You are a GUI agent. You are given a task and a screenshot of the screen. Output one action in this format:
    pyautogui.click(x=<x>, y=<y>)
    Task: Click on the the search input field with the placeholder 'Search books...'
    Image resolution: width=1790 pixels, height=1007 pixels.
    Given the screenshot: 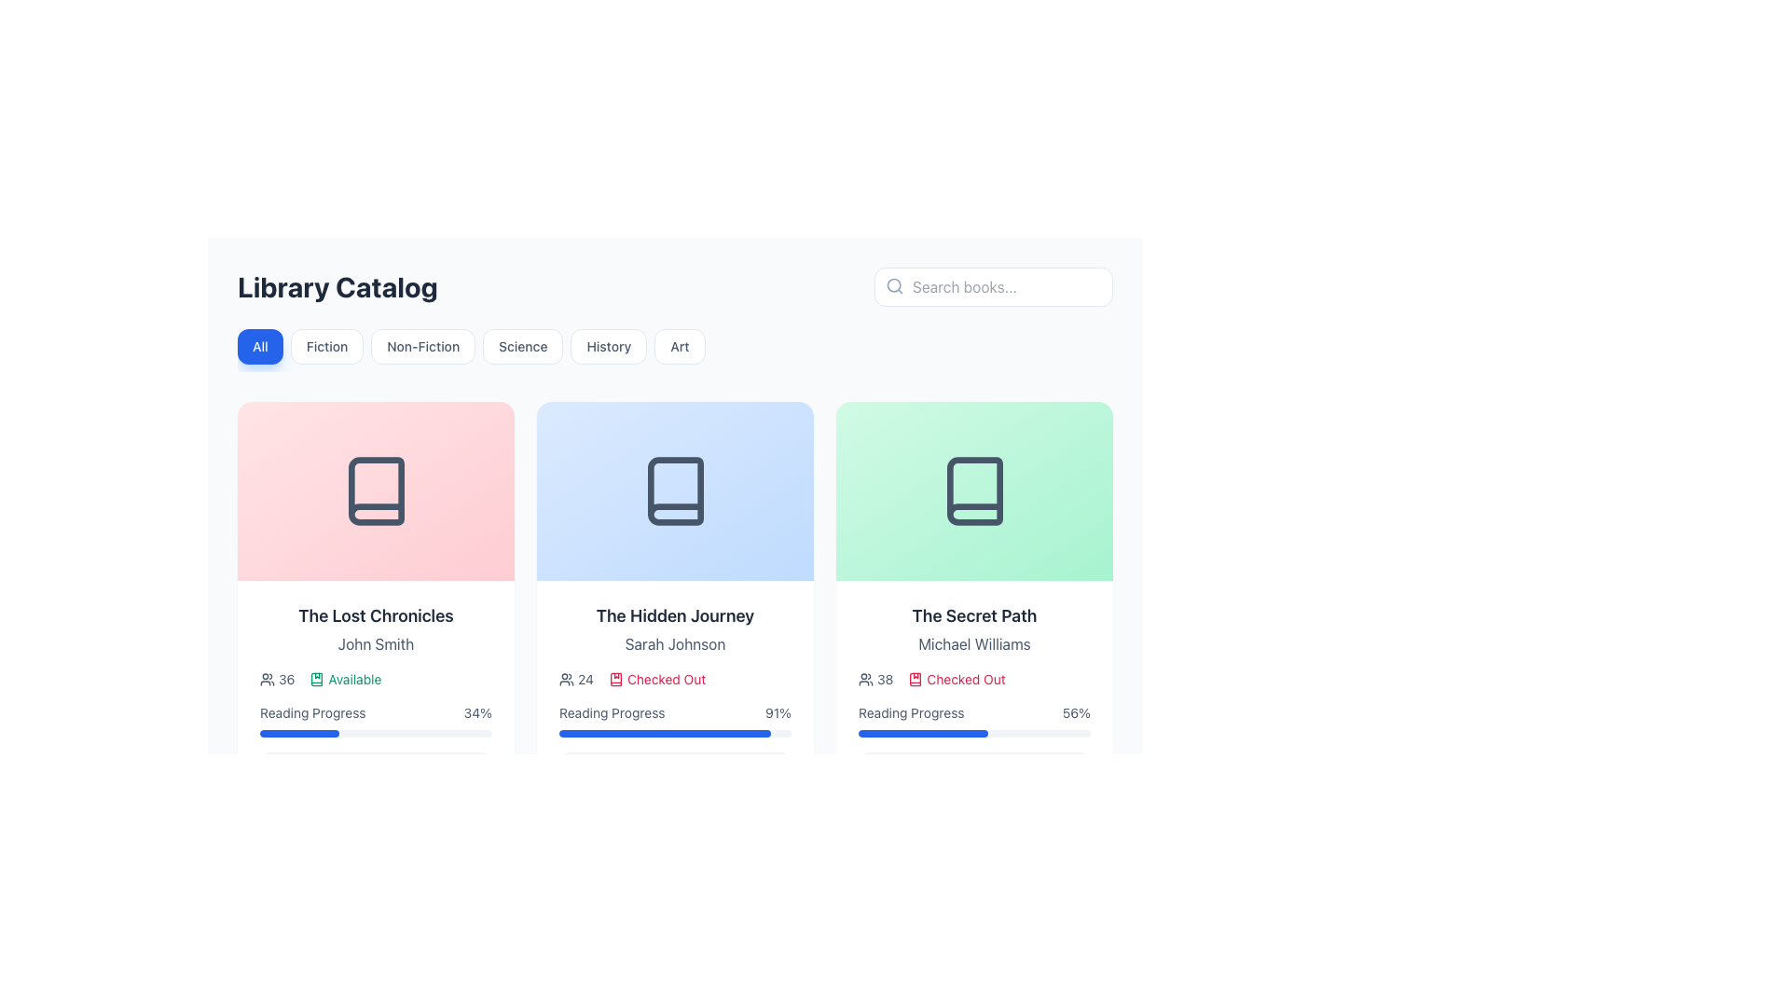 What is the action you would take?
    pyautogui.click(x=992, y=287)
    